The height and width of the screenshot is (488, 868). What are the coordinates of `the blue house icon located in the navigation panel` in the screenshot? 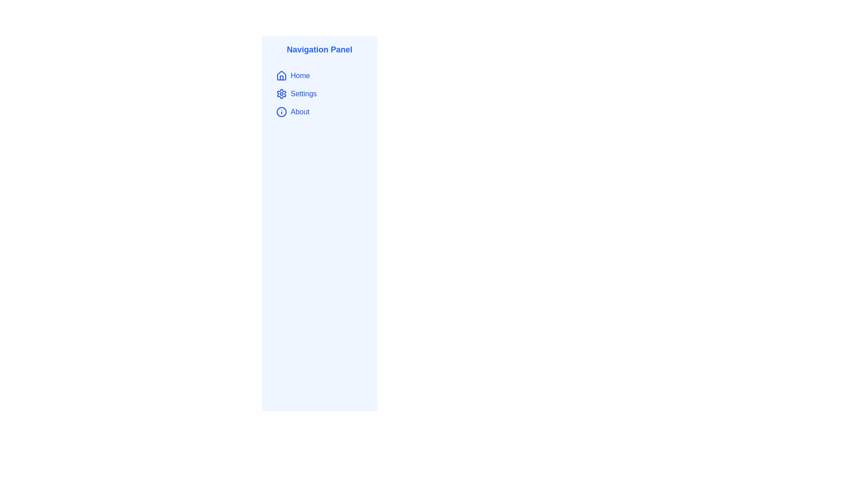 It's located at (281, 75).